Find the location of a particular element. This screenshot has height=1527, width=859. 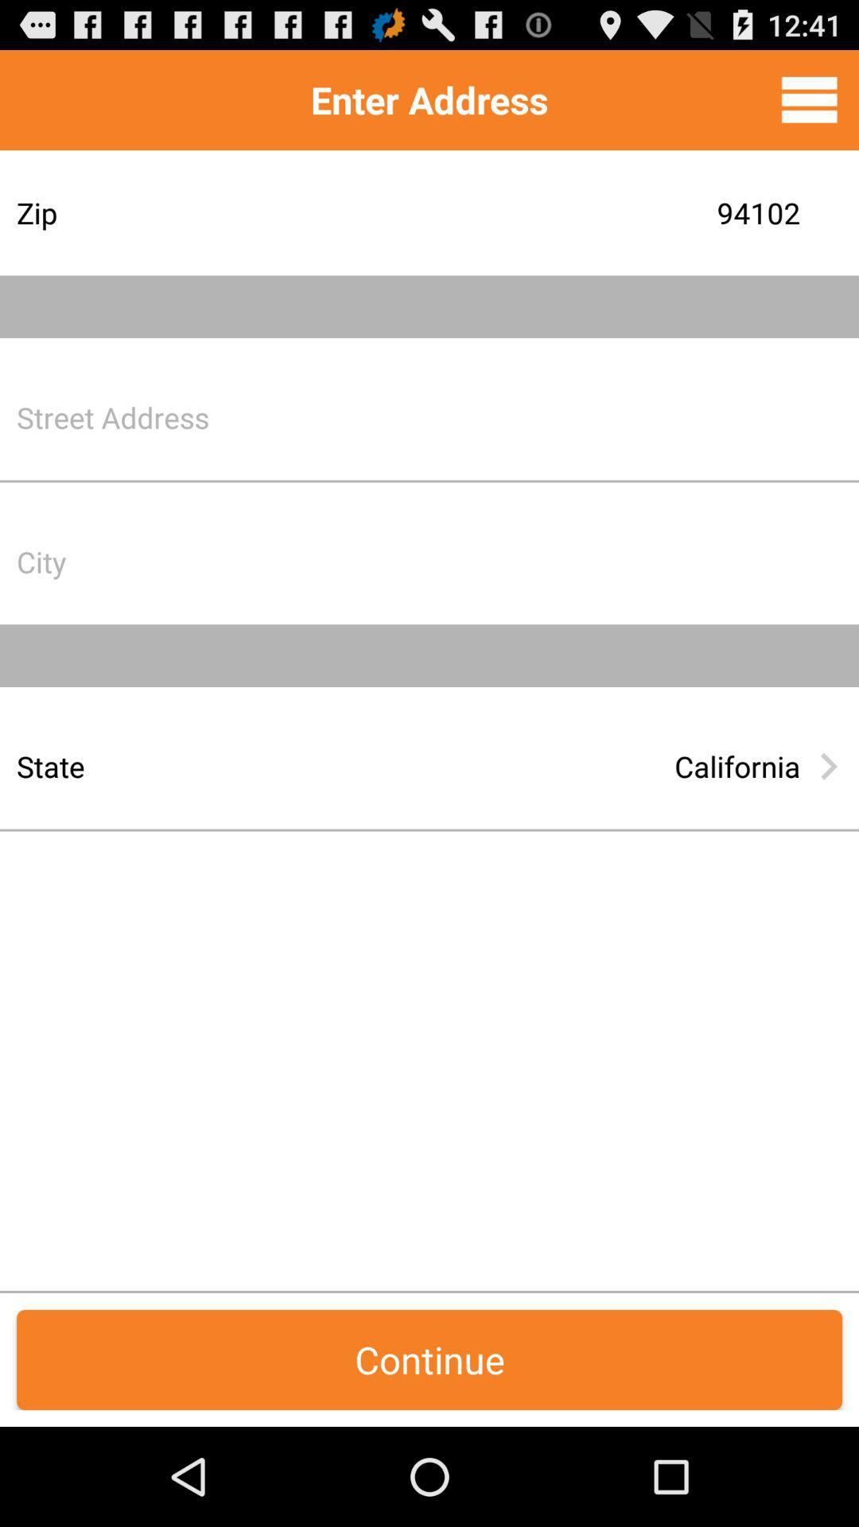

94102 is located at coordinates (552, 212).